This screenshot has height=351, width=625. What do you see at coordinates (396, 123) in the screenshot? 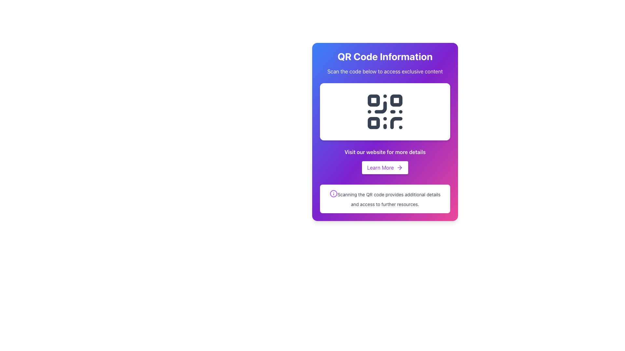
I see `the decorative graphical element located at the lower-right portion of the QR code visual representation, situated below and to the right of the central squares` at bounding box center [396, 123].